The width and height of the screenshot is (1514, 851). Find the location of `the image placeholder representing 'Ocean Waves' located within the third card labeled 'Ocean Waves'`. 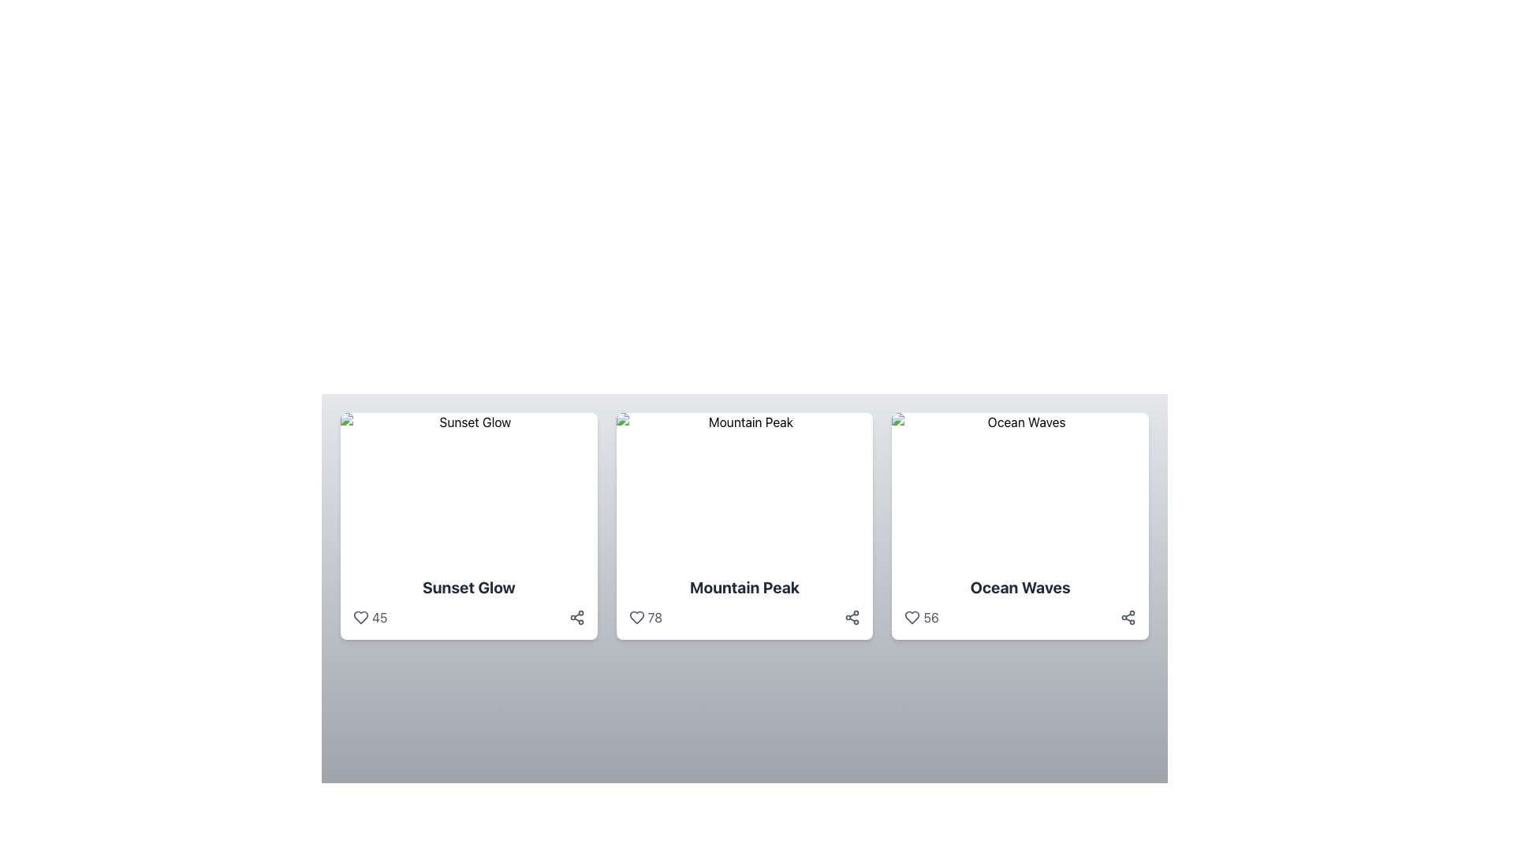

the image placeholder representing 'Ocean Waves' located within the third card labeled 'Ocean Waves' is located at coordinates (1020, 488).